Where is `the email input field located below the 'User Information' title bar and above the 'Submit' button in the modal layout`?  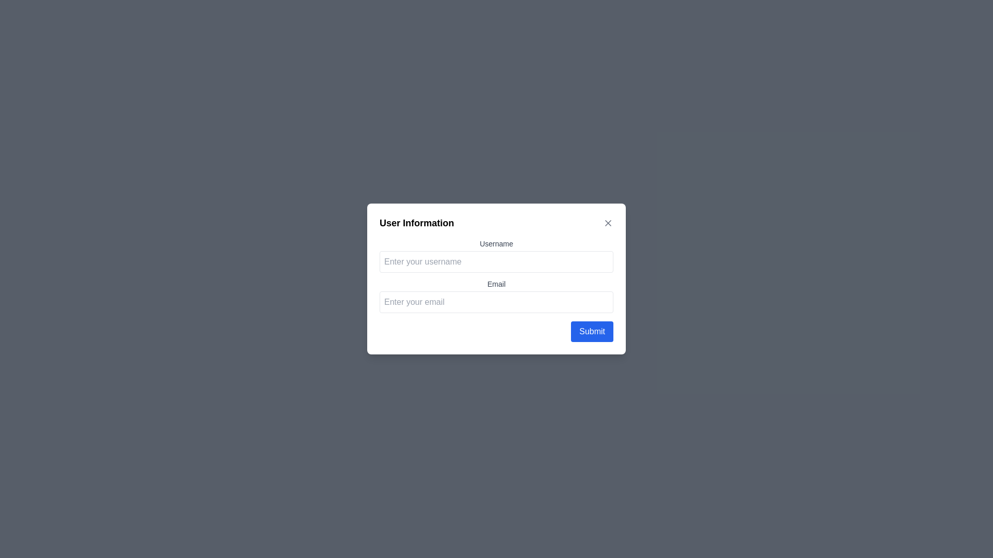
the email input field located below the 'User Information' title bar and above the 'Submit' button in the modal layout is located at coordinates (496, 279).